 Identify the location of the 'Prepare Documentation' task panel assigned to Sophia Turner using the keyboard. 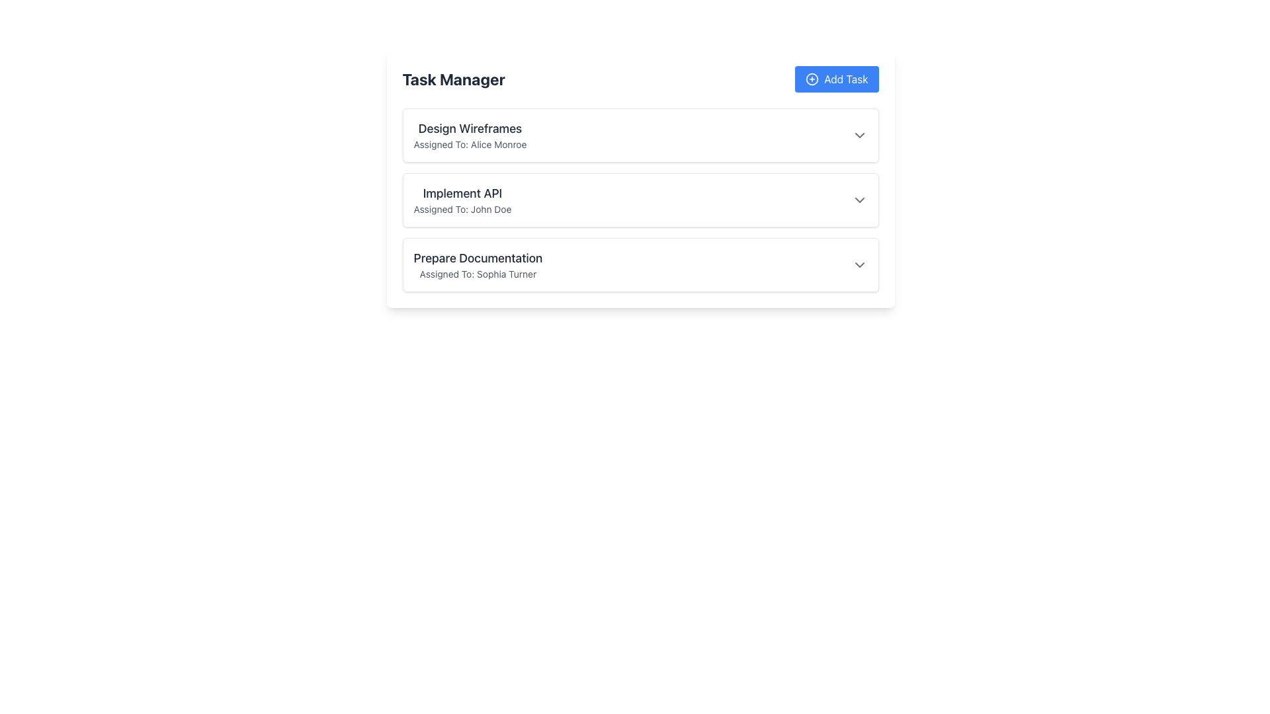
(640, 265).